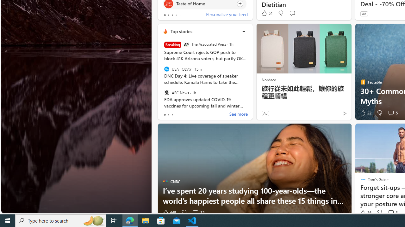 This screenshot has height=227, width=405. Describe the element at coordinates (179, 15) in the screenshot. I see `'tab-4'` at that location.